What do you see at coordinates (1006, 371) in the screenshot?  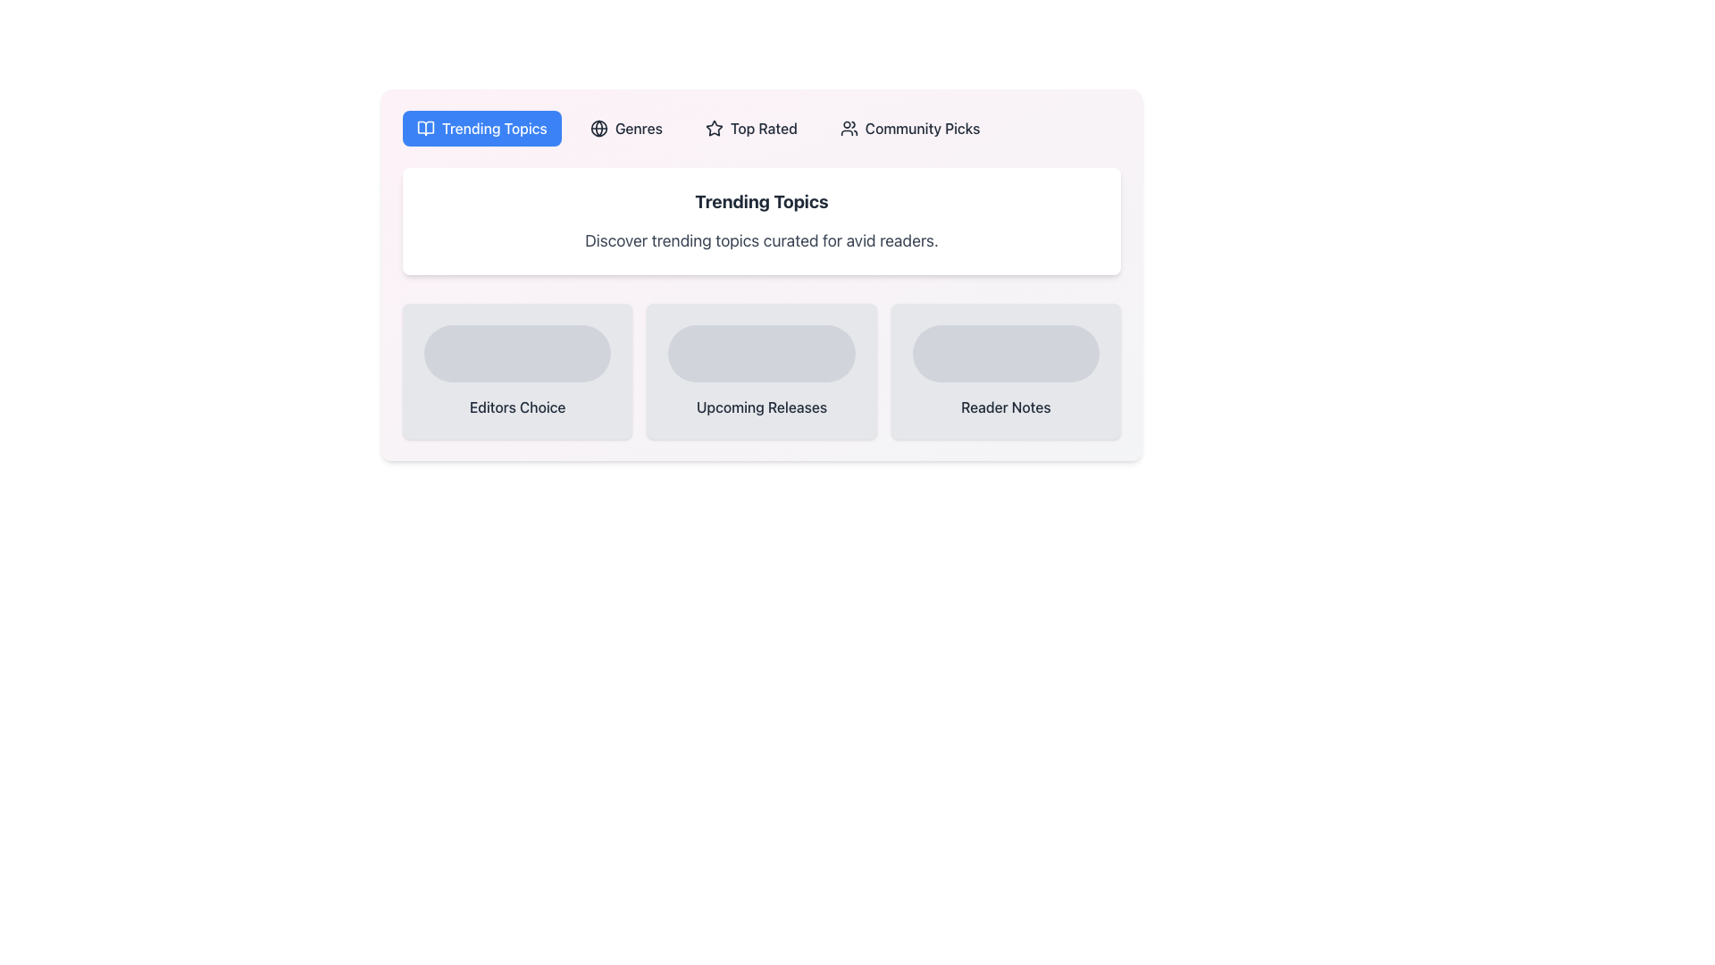 I see `the third card in the grid, which serves as a visual indicator for notes or content related to readers` at bounding box center [1006, 371].